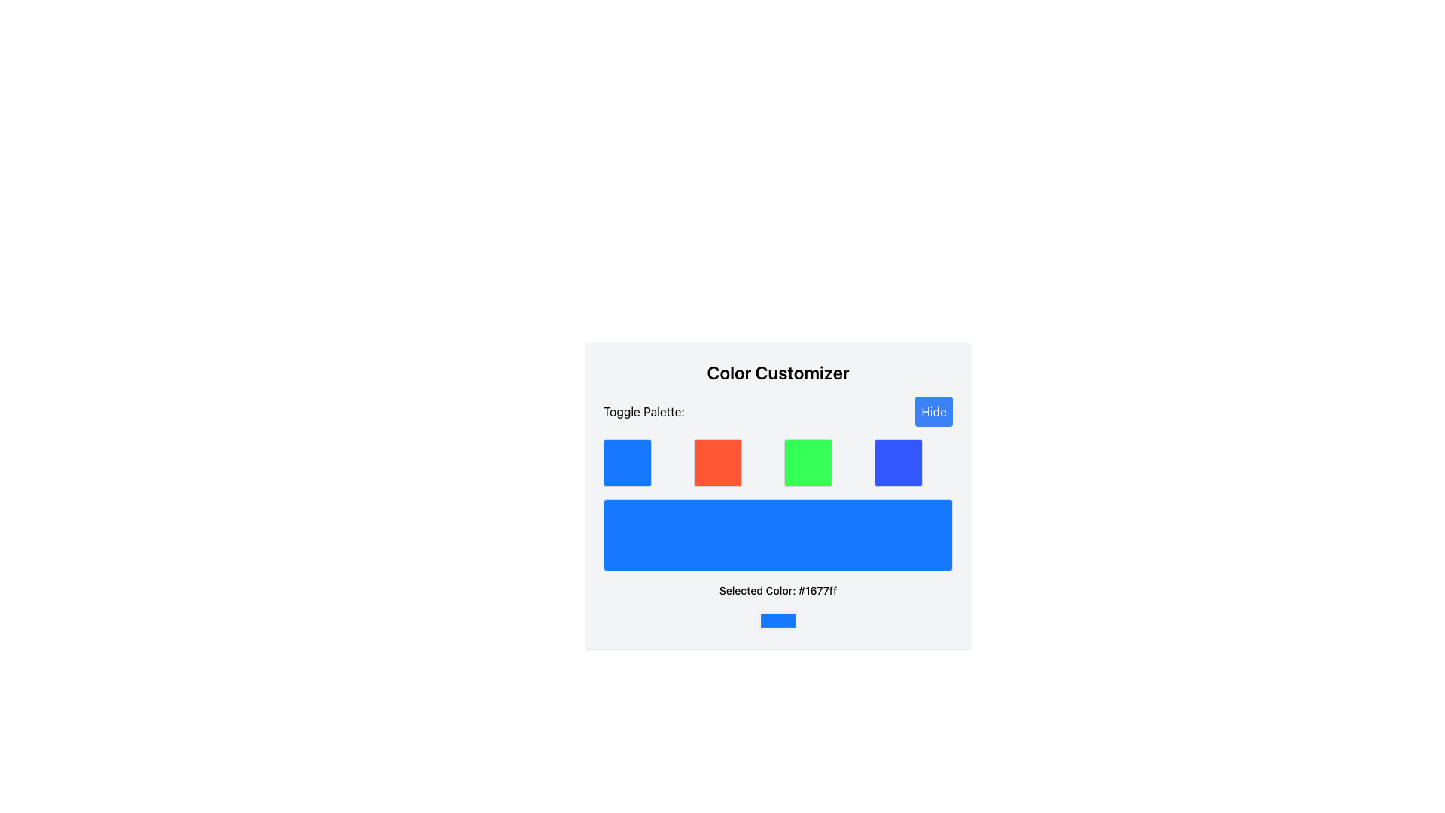 This screenshot has height=813, width=1445. I want to click on the color selection button located in the top-left corner of the 4-column grid, so click(628, 461).